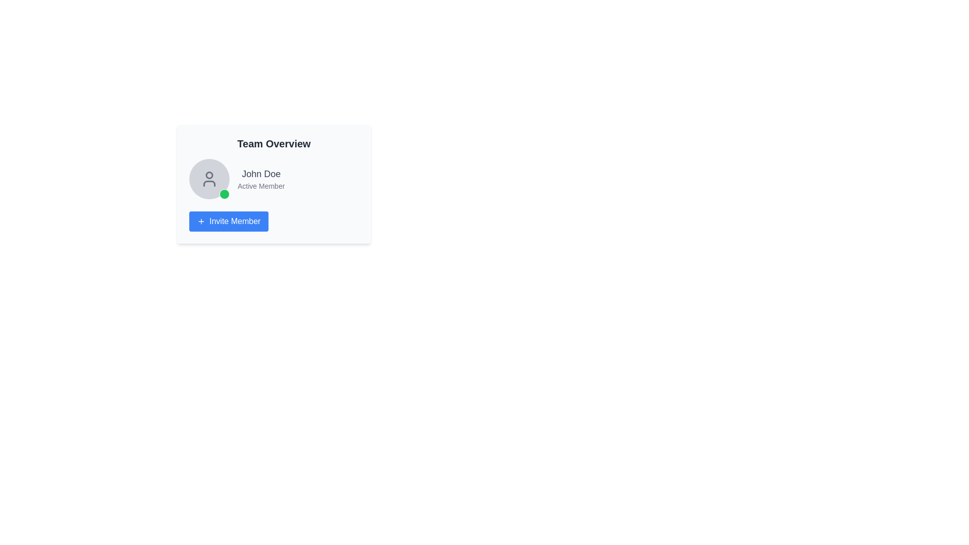  Describe the element at coordinates (208, 178) in the screenshot. I see `the user icon represented by a gray SVG within a circular light-grey background, located on the left side of the card interface` at that location.